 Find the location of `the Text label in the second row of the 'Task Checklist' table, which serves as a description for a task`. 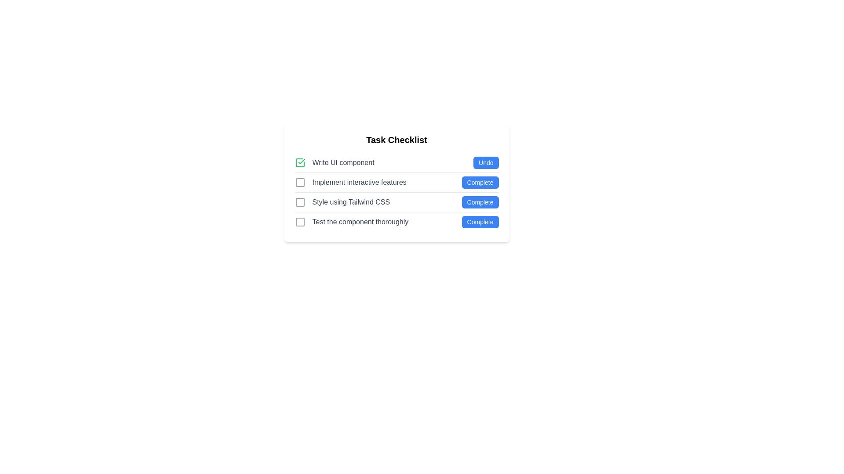

the Text label in the second row of the 'Task Checklist' table, which serves as a description for a task is located at coordinates (359, 182).